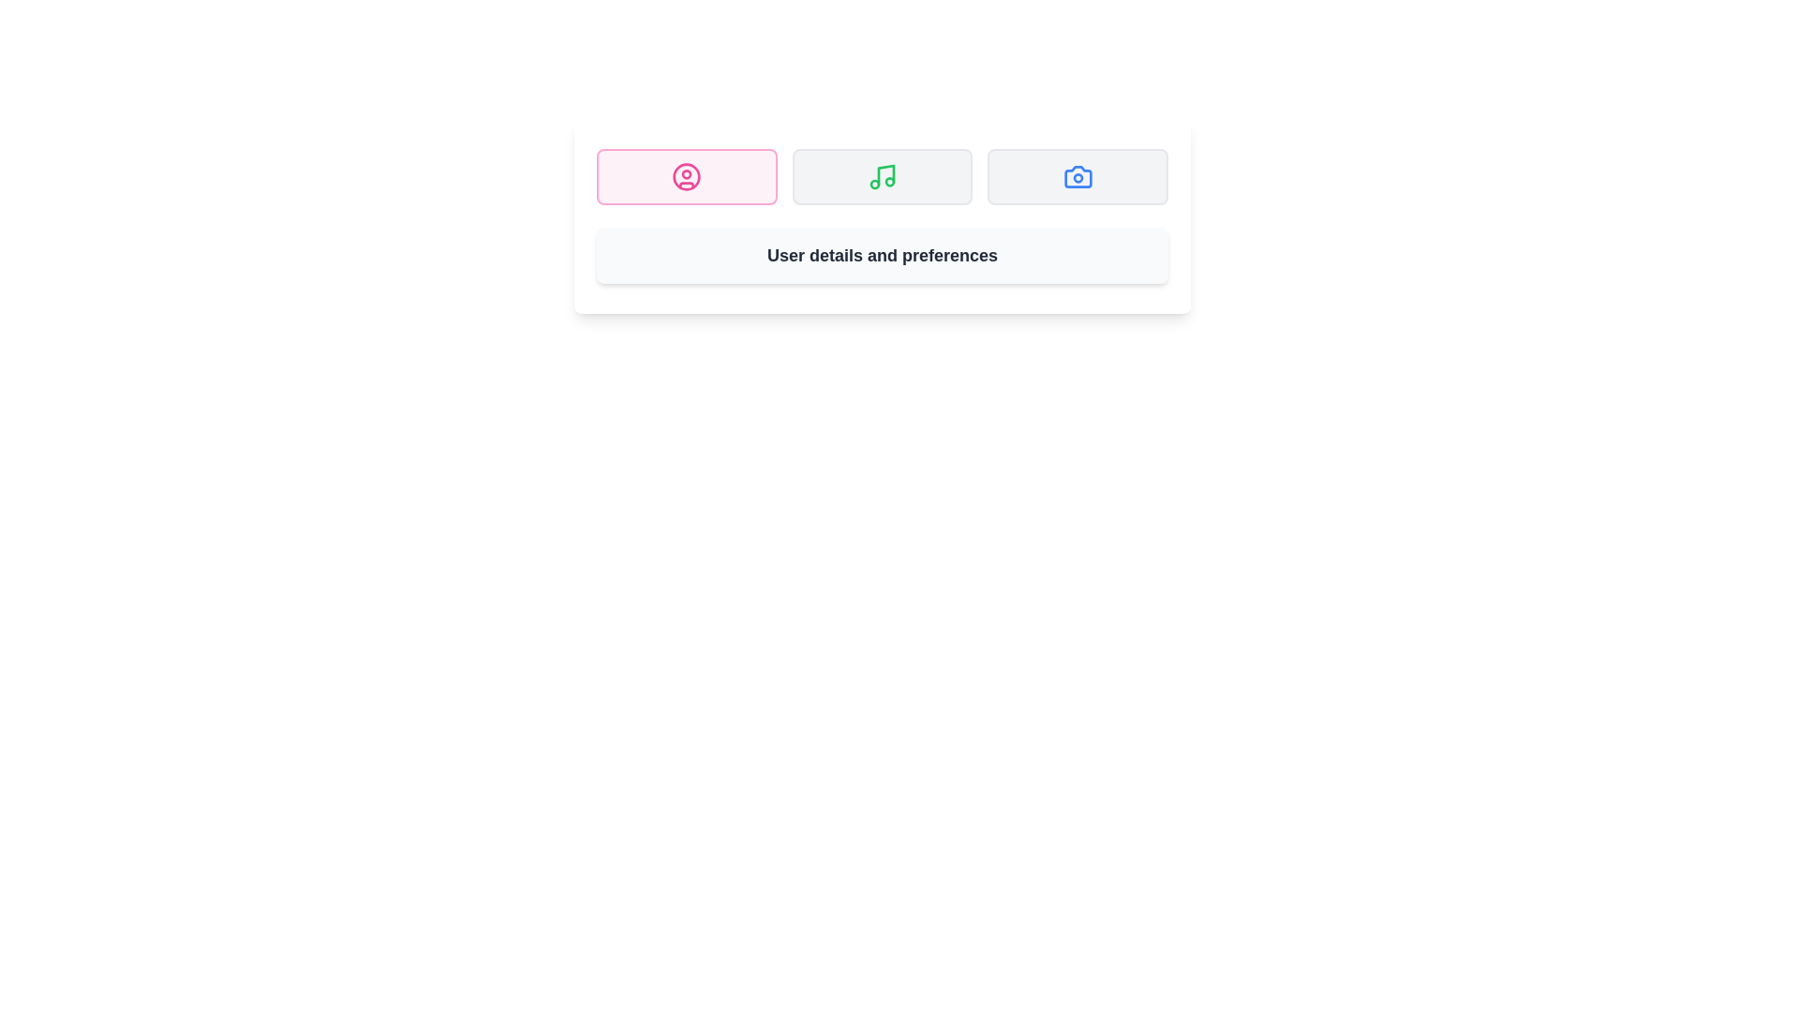 The image size is (1799, 1012). What do you see at coordinates (881, 177) in the screenshot?
I see `the tab corresponding to Music to observe the icon and color changes` at bounding box center [881, 177].